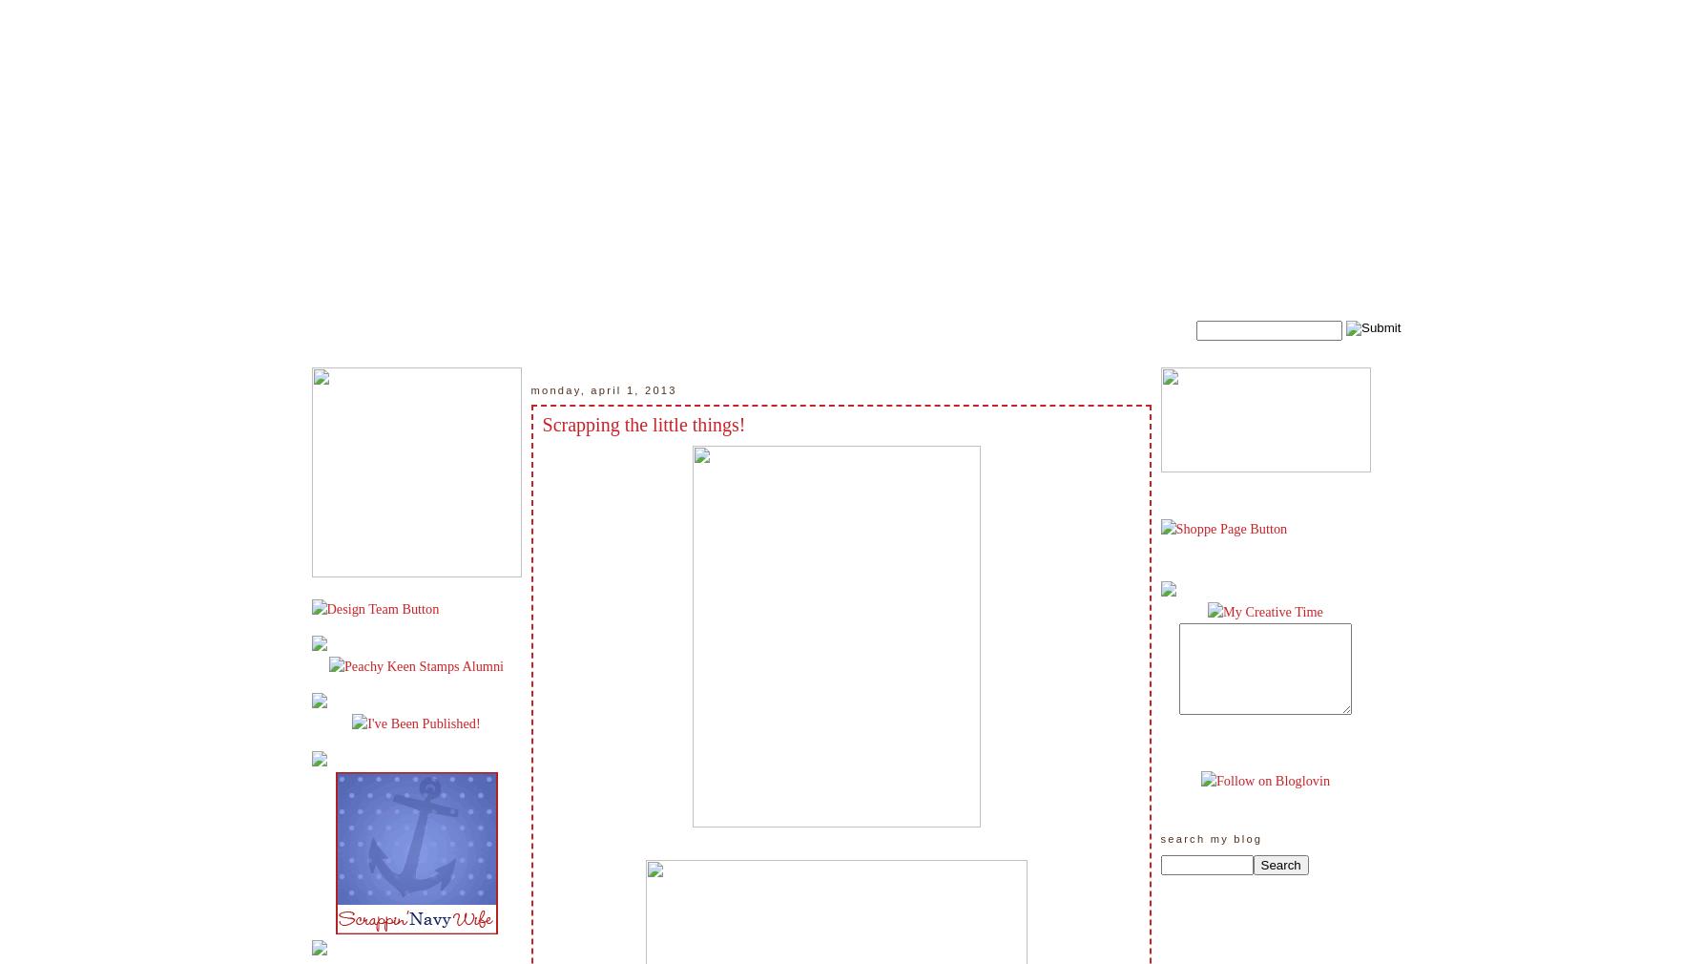  I want to click on 'Twitter', so click(1245, 10).